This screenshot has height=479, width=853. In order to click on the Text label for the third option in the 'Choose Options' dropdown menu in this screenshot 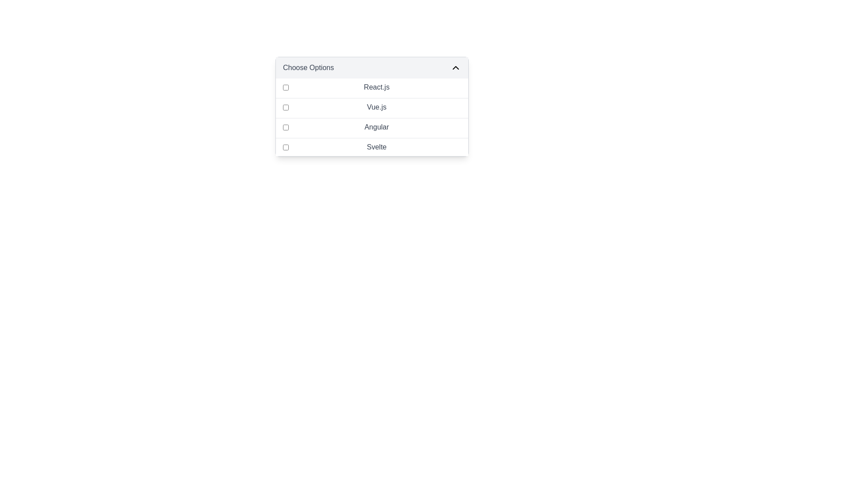, I will do `click(377, 127)`.